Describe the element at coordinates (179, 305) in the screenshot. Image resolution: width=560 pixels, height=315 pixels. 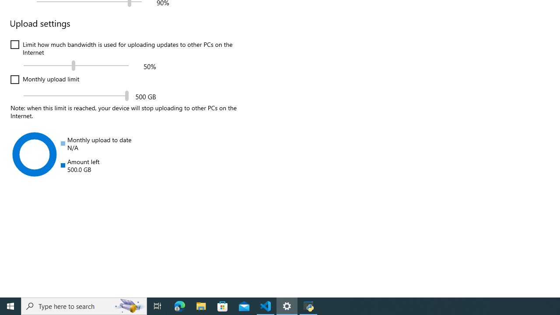
I see `'Microsoft Edge'` at that location.